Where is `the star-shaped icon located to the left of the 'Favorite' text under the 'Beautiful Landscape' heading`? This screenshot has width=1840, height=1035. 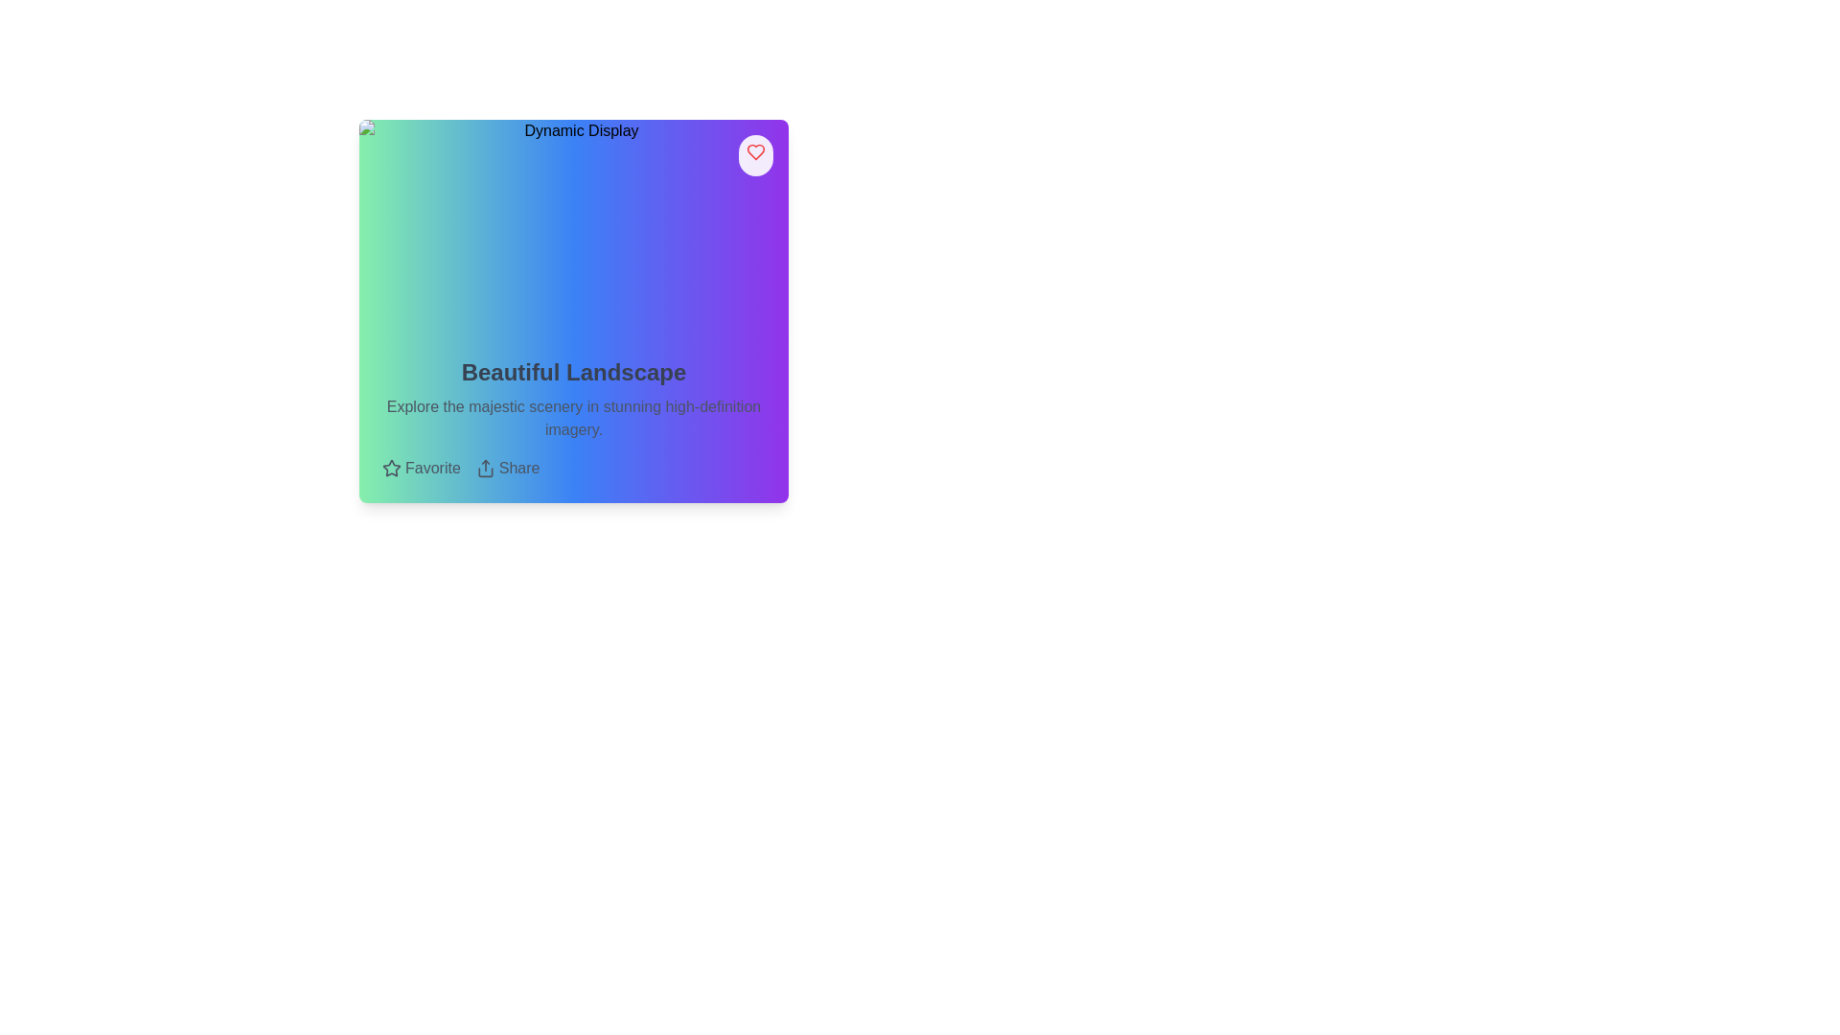
the star-shaped icon located to the left of the 'Favorite' text under the 'Beautiful Landscape' heading is located at coordinates (390, 469).